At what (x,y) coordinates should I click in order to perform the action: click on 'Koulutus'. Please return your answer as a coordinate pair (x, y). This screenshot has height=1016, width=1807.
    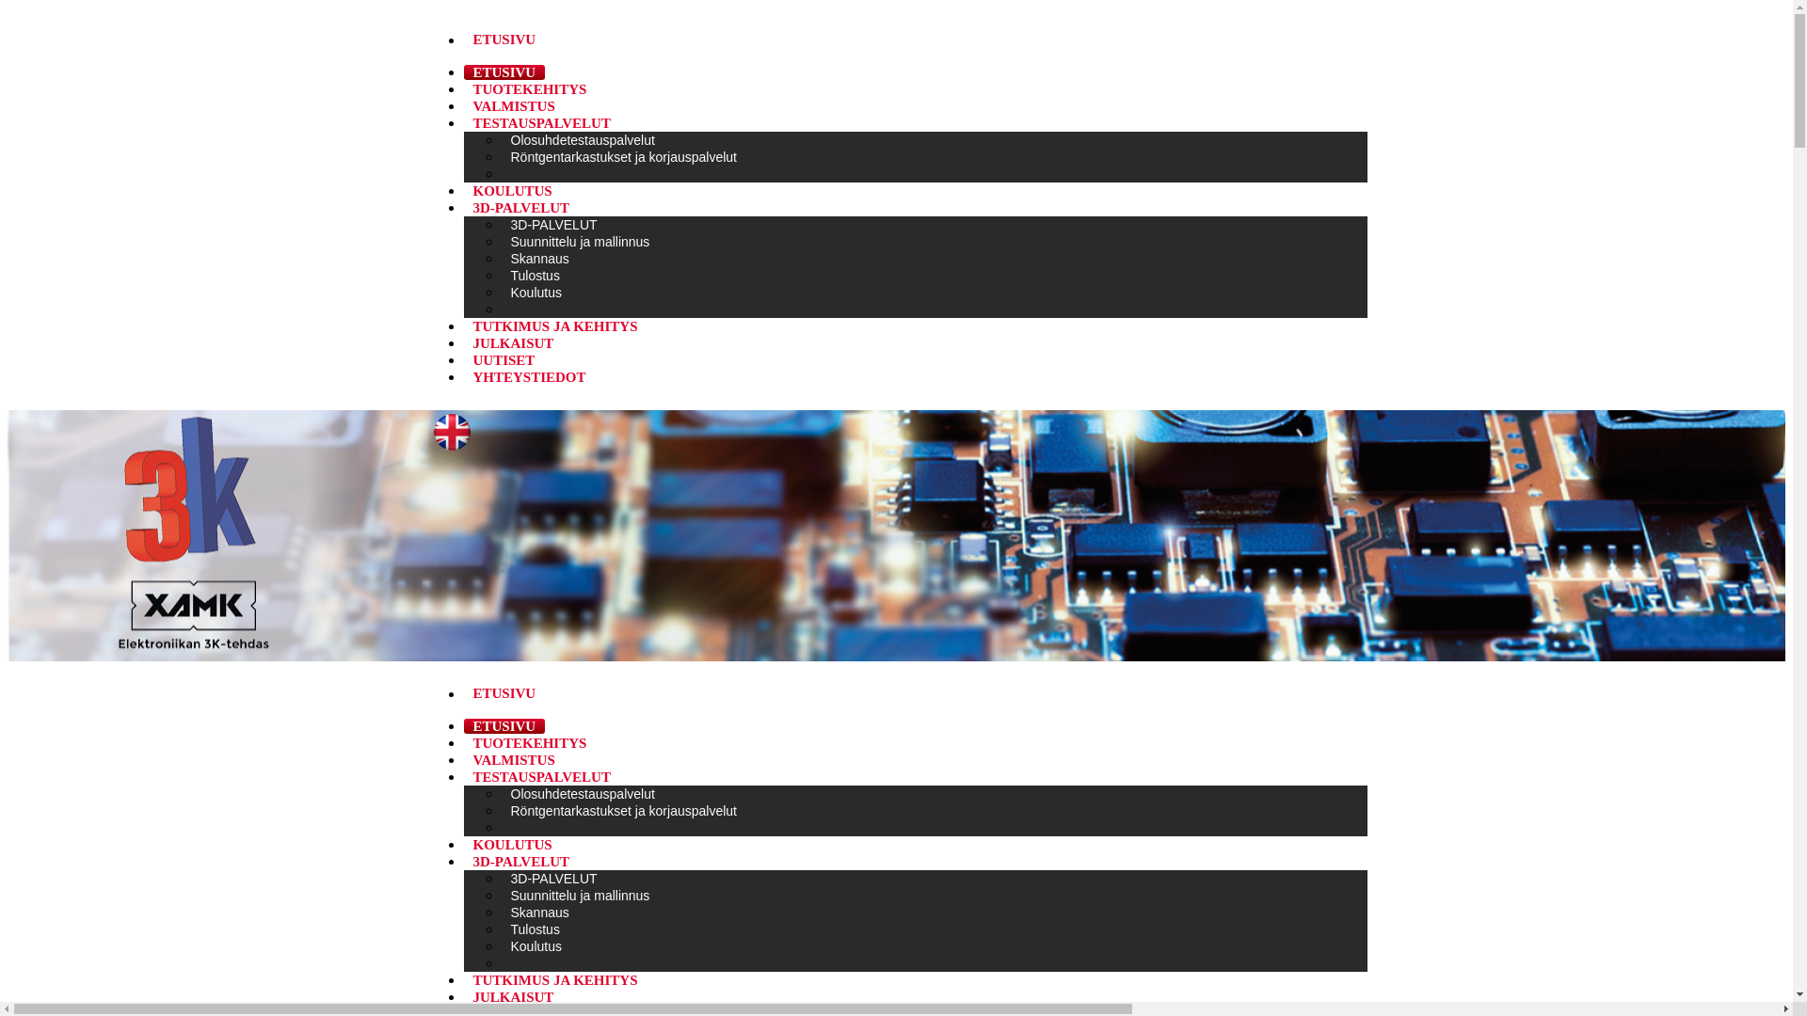
    Looking at the image, I should click on (535, 946).